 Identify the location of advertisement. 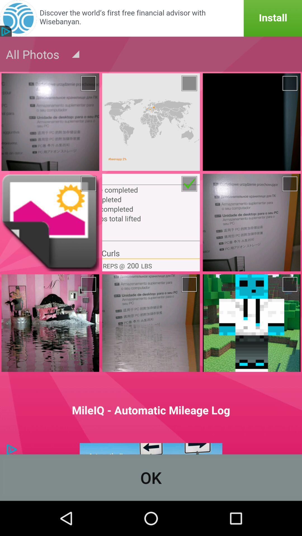
(151, 449).